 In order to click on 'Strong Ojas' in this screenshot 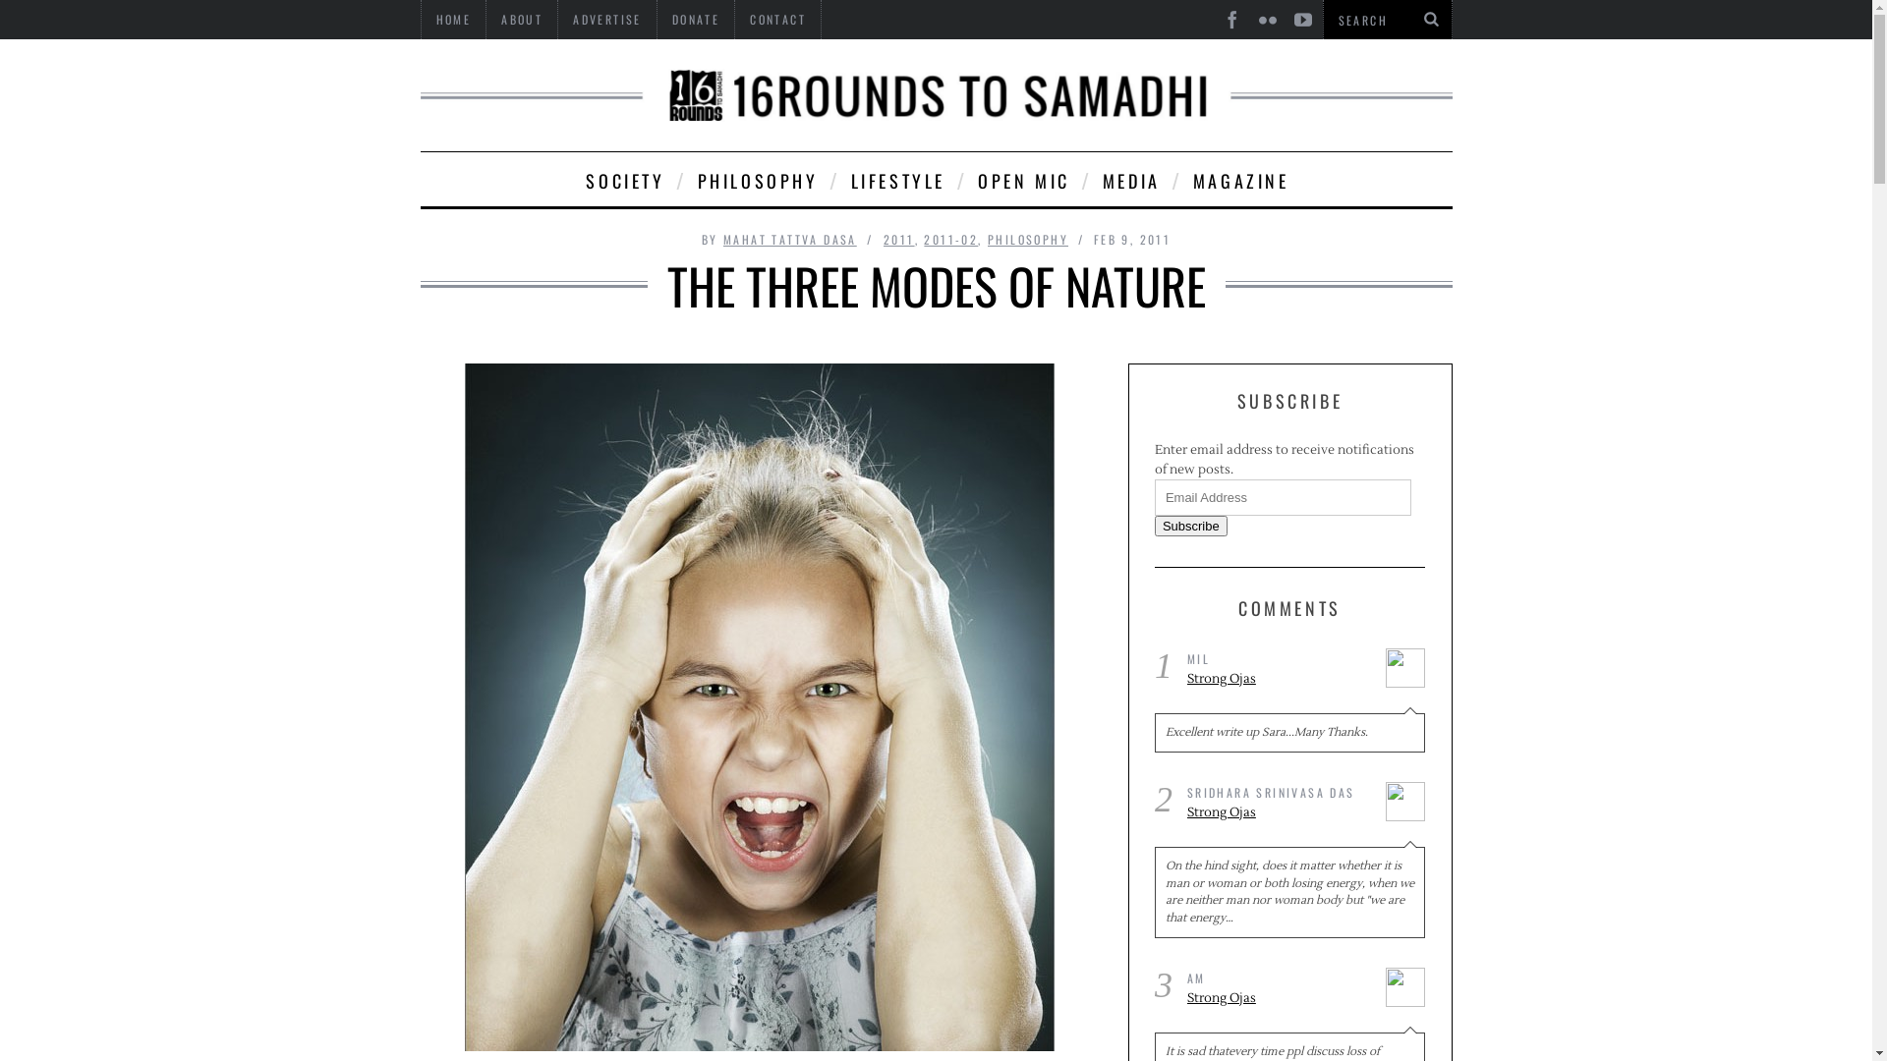, I will do `click(1186, 813)`.